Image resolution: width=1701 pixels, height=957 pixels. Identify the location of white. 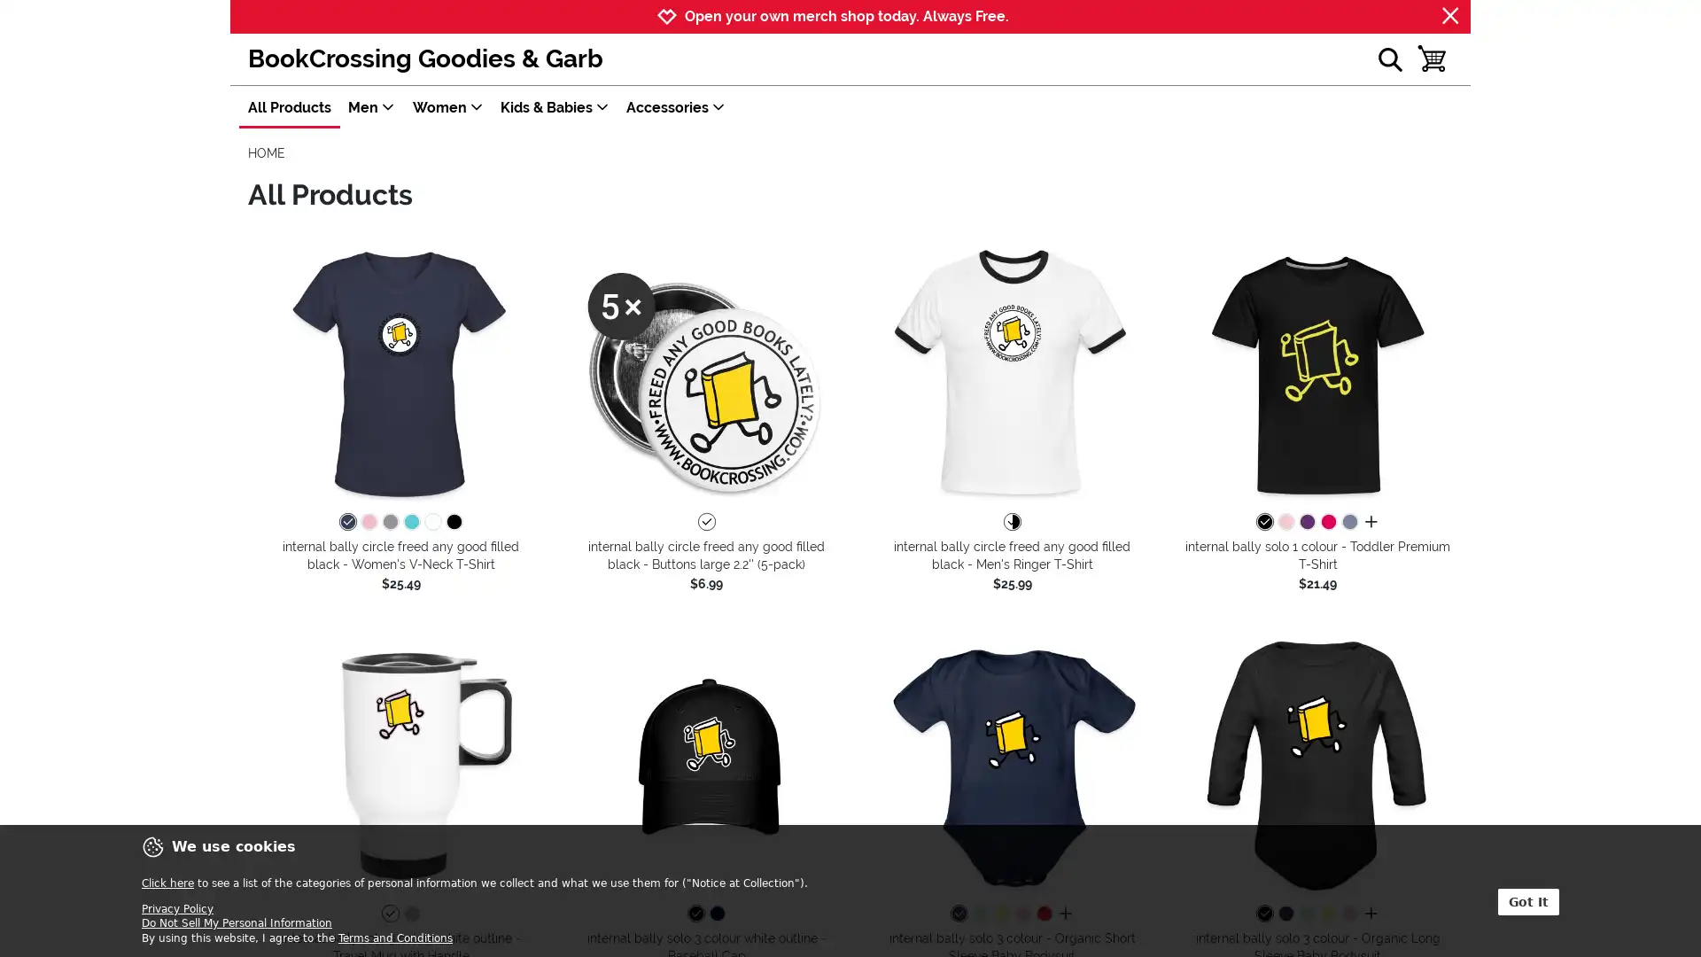
(432, 522).